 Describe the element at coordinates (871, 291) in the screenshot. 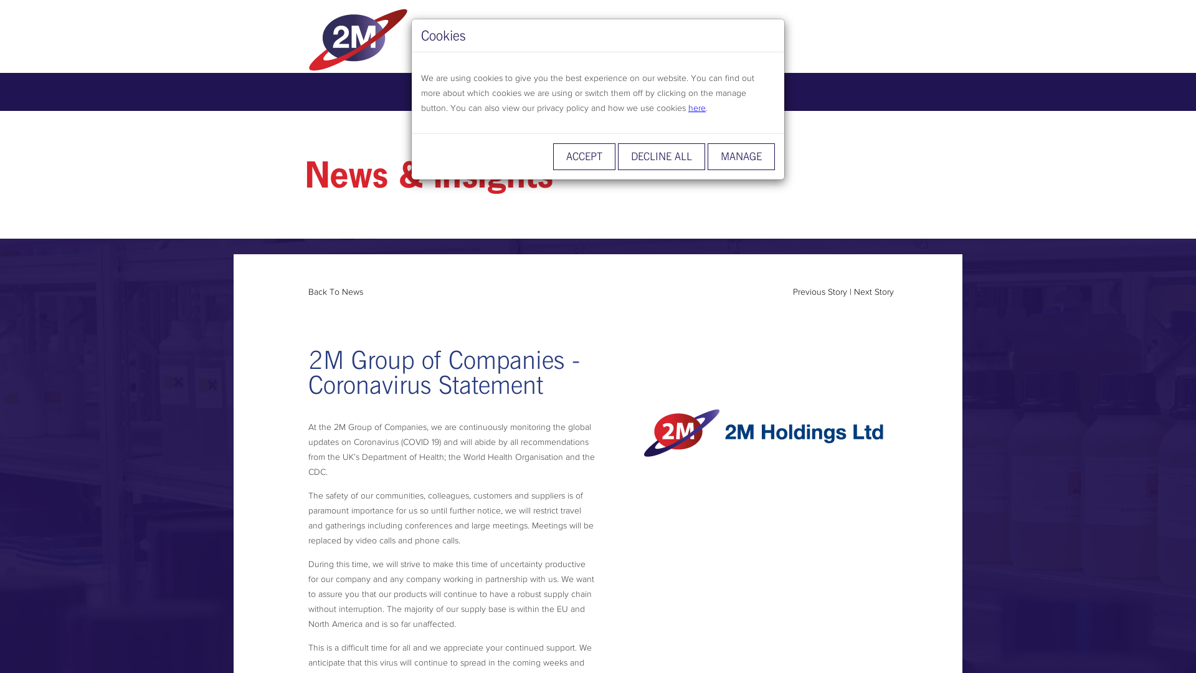

I see `'| Next Story'` at that location.